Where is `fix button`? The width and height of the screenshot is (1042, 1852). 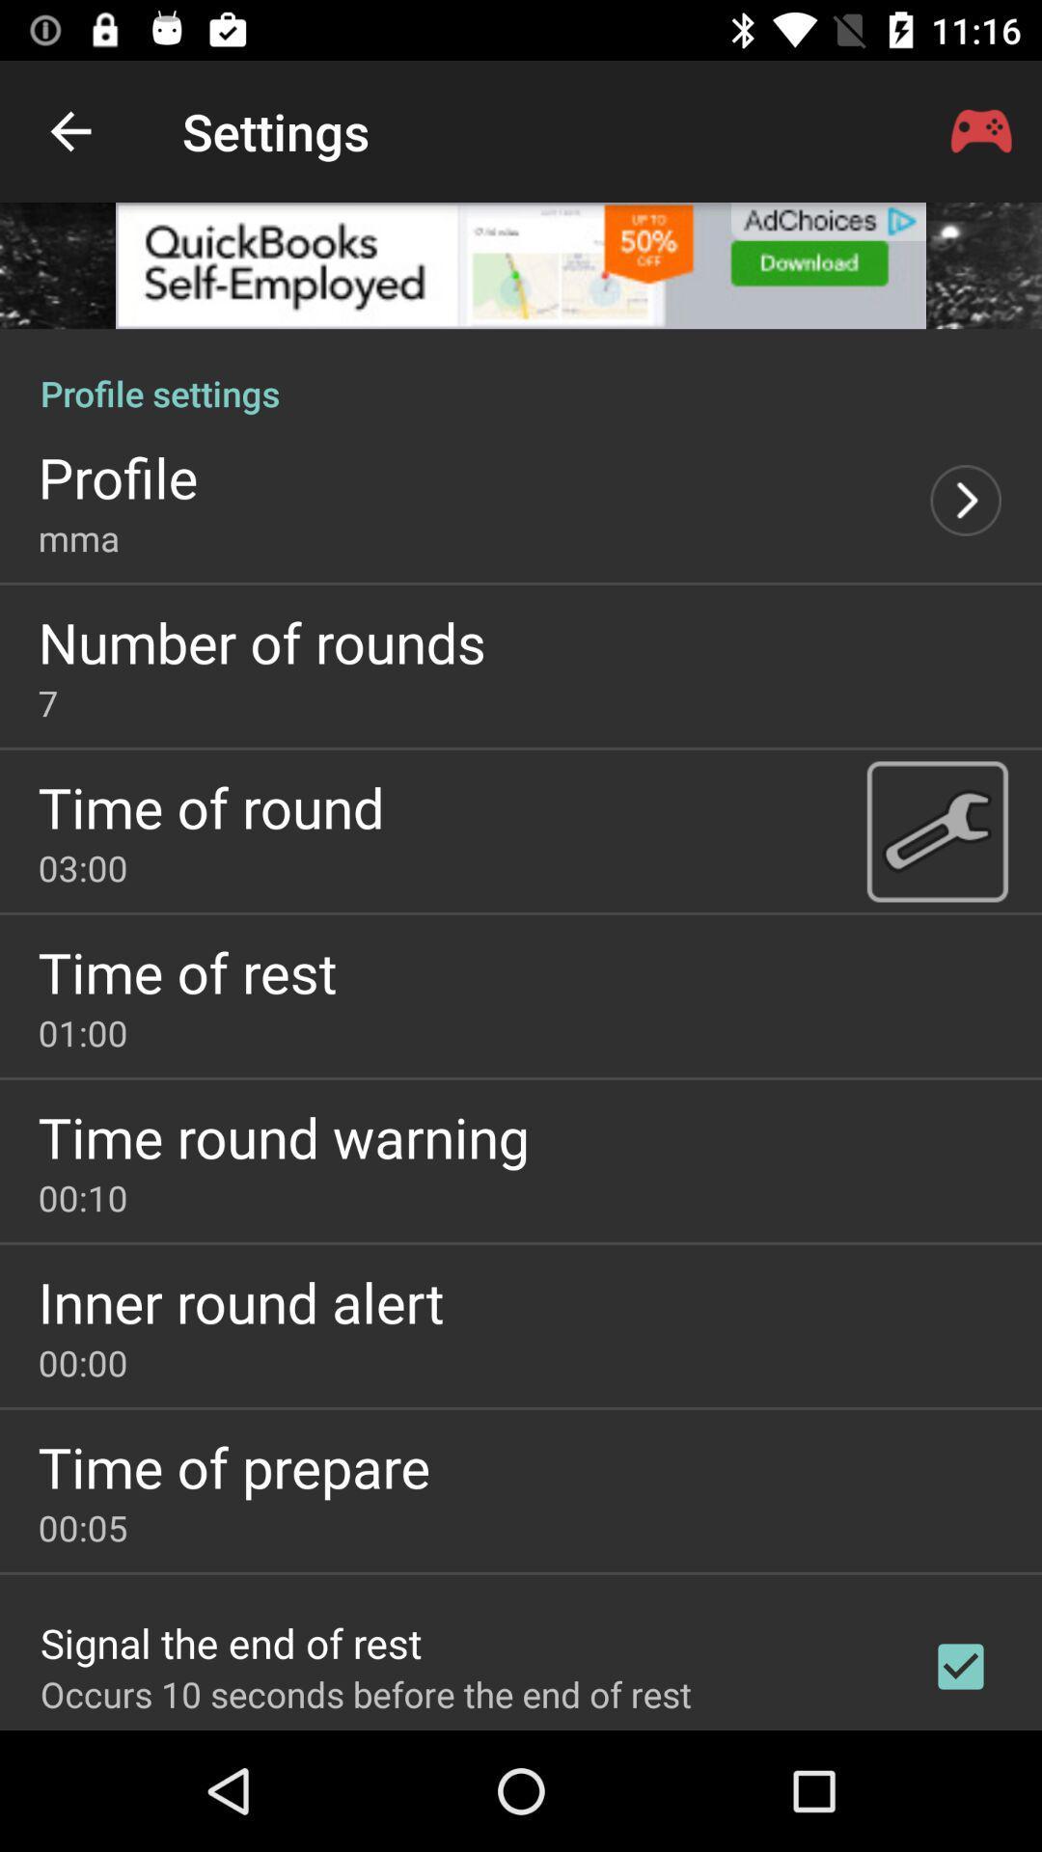 fix button is located at coordinates (936, 831).